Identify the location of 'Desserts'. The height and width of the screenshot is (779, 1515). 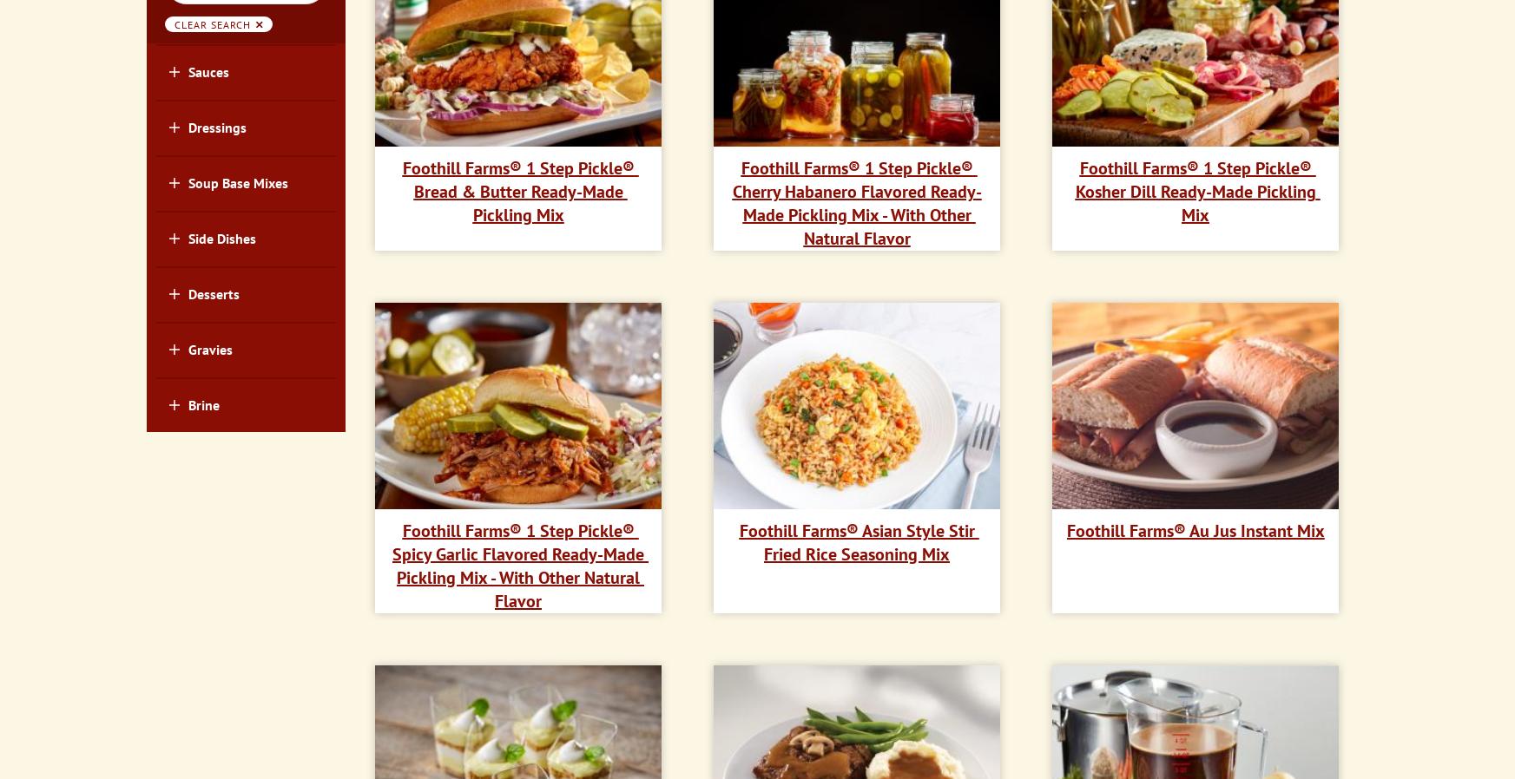
(212, 293).